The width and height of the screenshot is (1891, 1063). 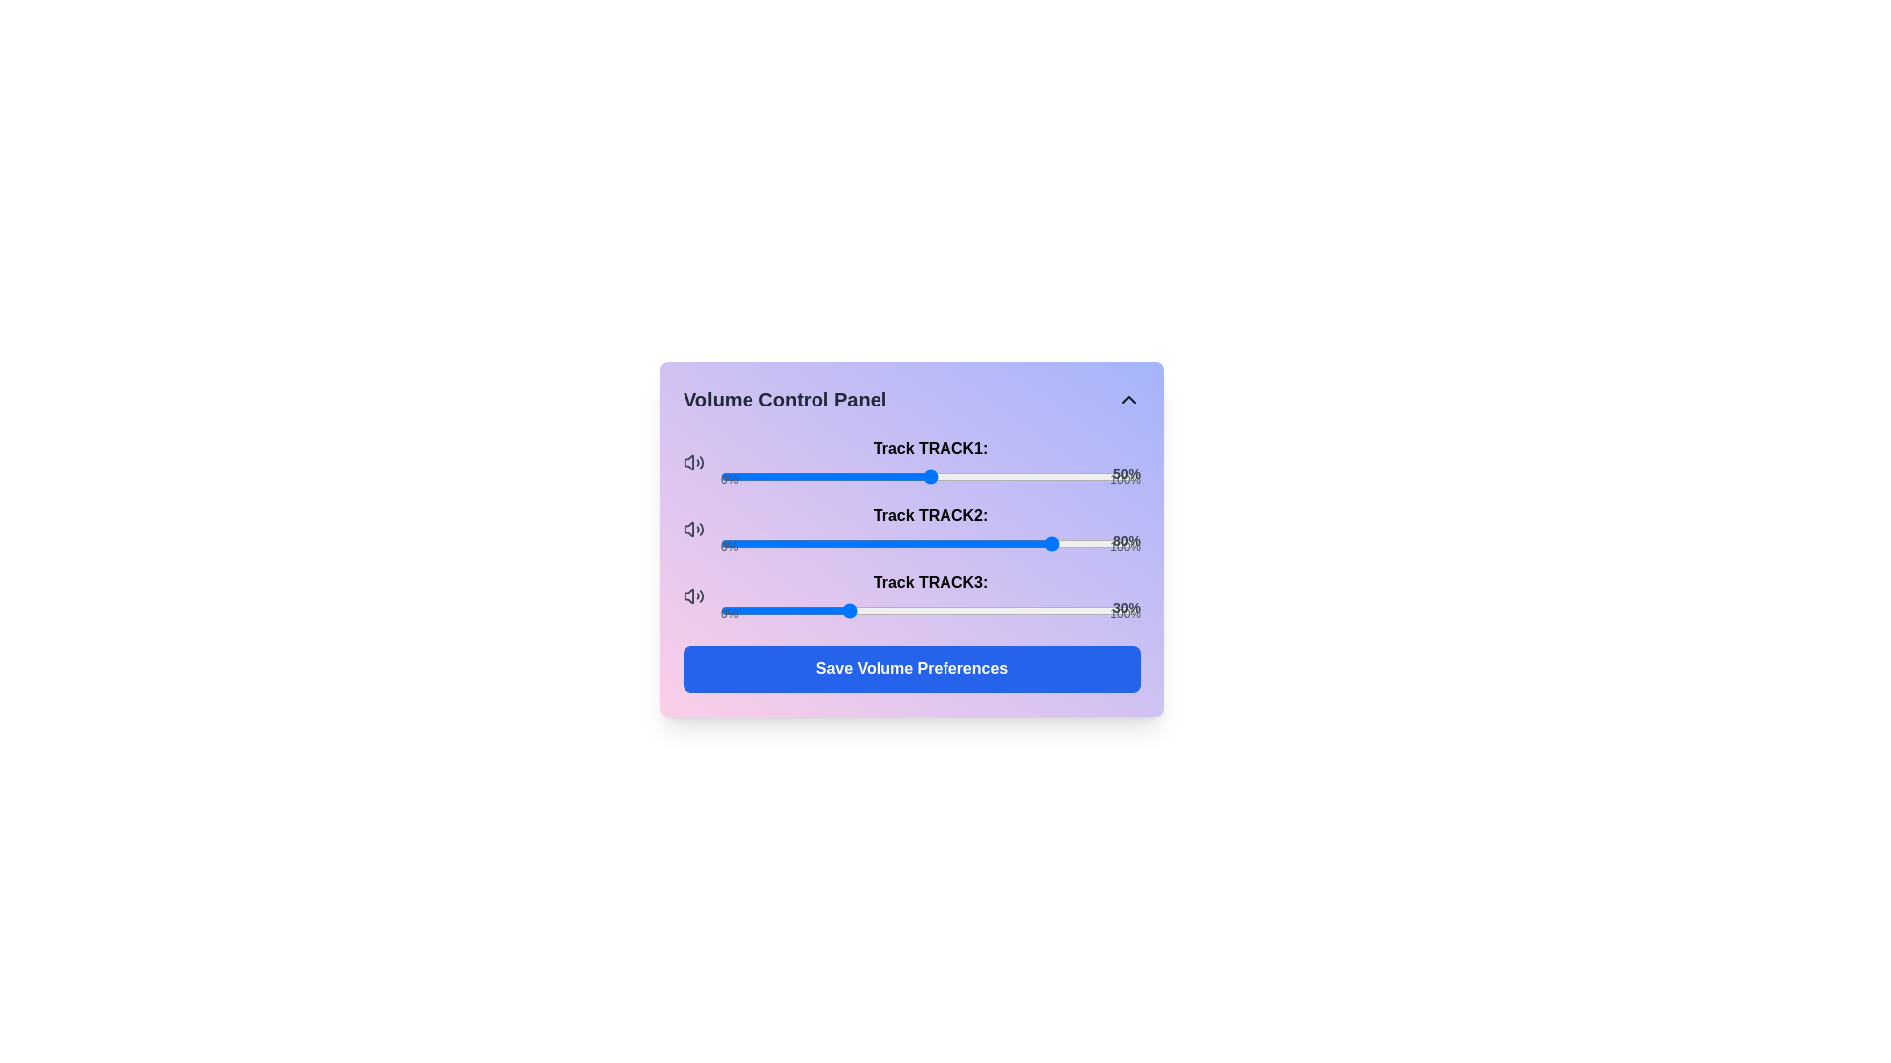 I want to click on the small upward-facing chevron arrow icon button located in the upper-right corner of the 'Volume Control Panel' interface, so click(x=1129, y=399).